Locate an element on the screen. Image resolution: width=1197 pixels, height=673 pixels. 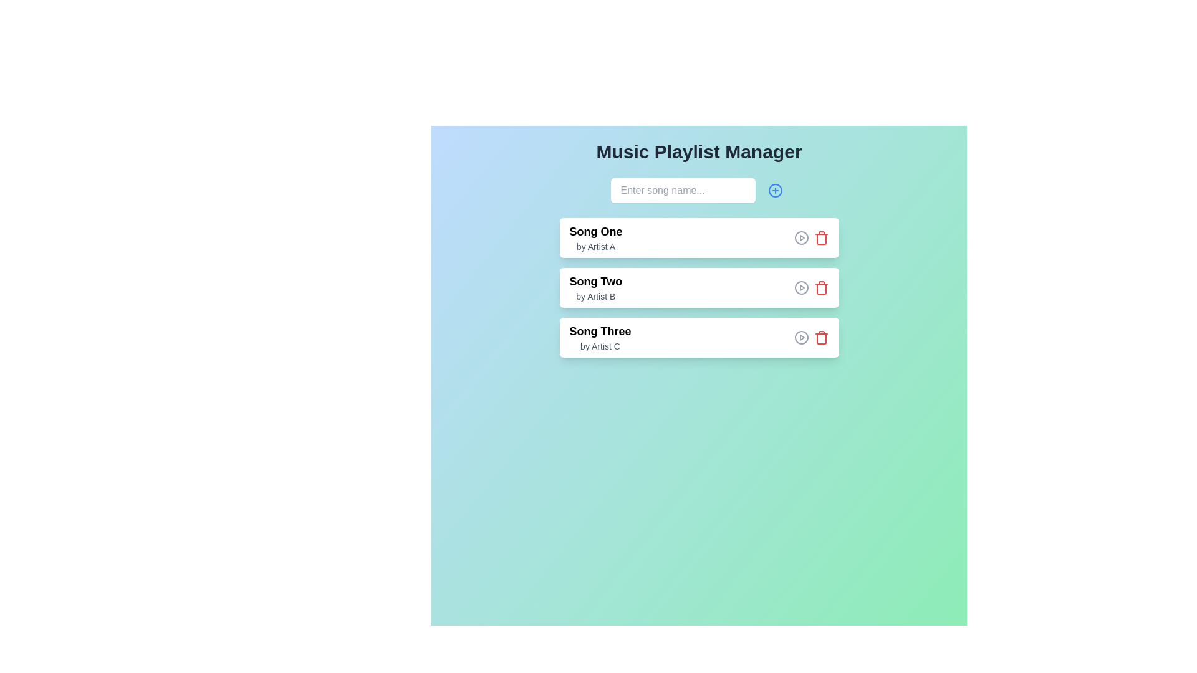
the text element that displays the title and artist of a song, positioned as the second item in the music playlist manager interface, located between 'Song One' and 'Song Three' is located at coordinates (595, 288).